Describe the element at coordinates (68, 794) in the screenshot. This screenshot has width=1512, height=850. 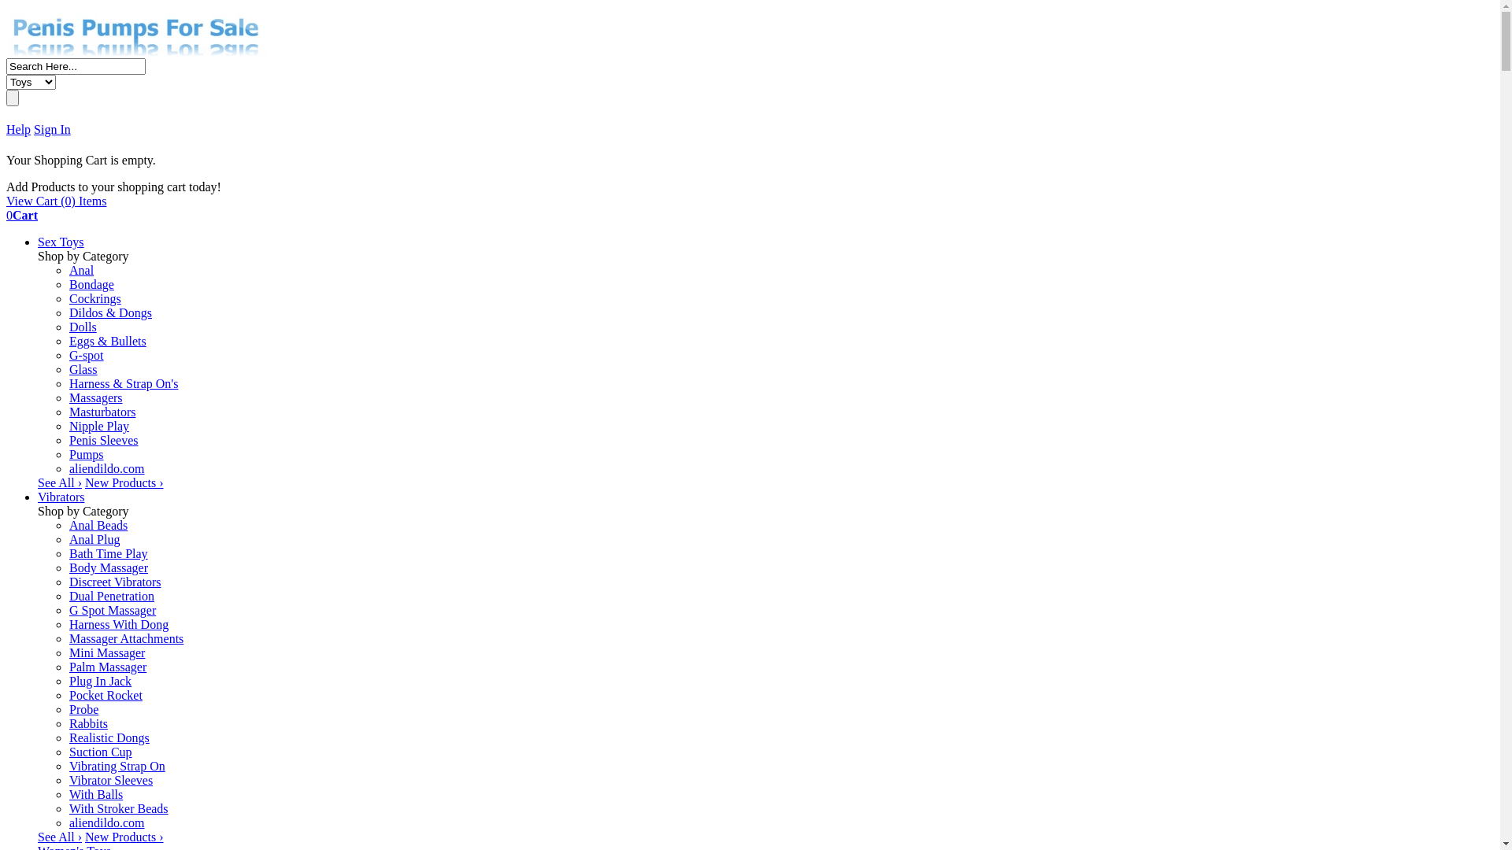
I see `'With Balls'` at that location.